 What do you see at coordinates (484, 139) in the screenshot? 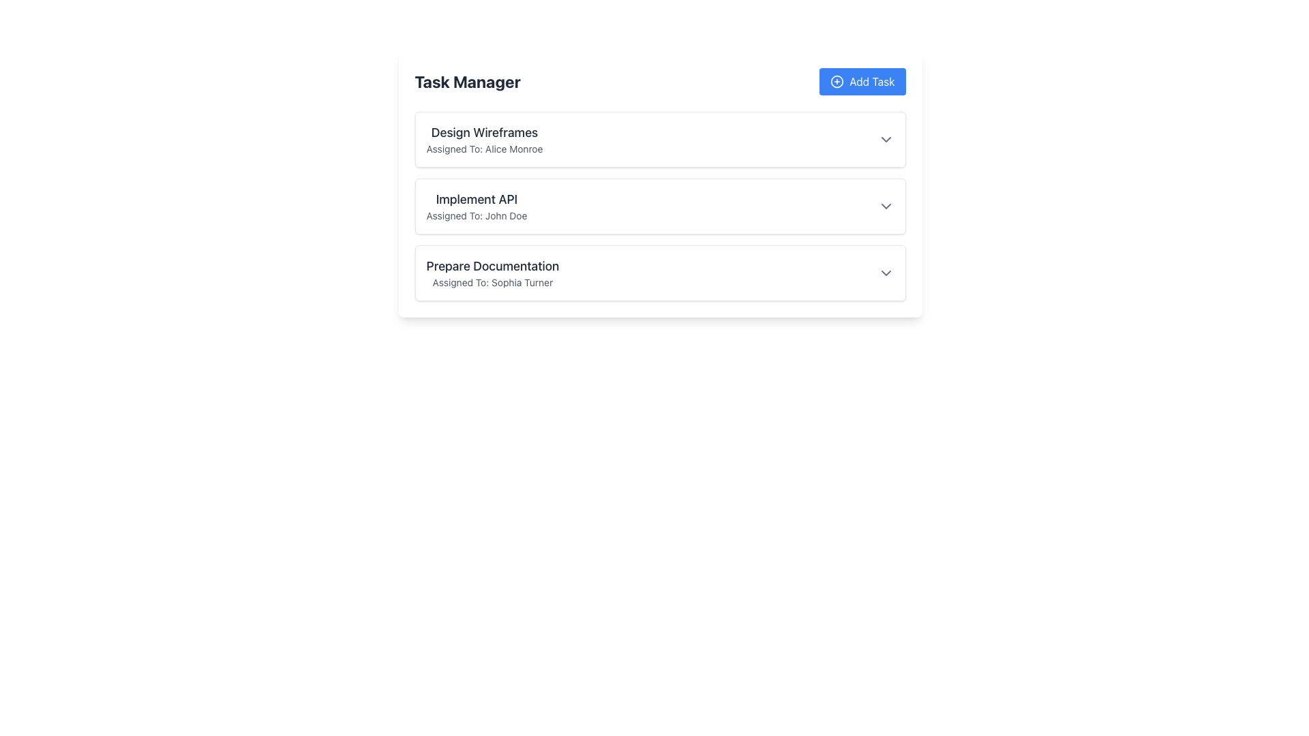
I see `the first task item in the vertical list under the 'Task Manager' header` at bounding box center [484, 139].